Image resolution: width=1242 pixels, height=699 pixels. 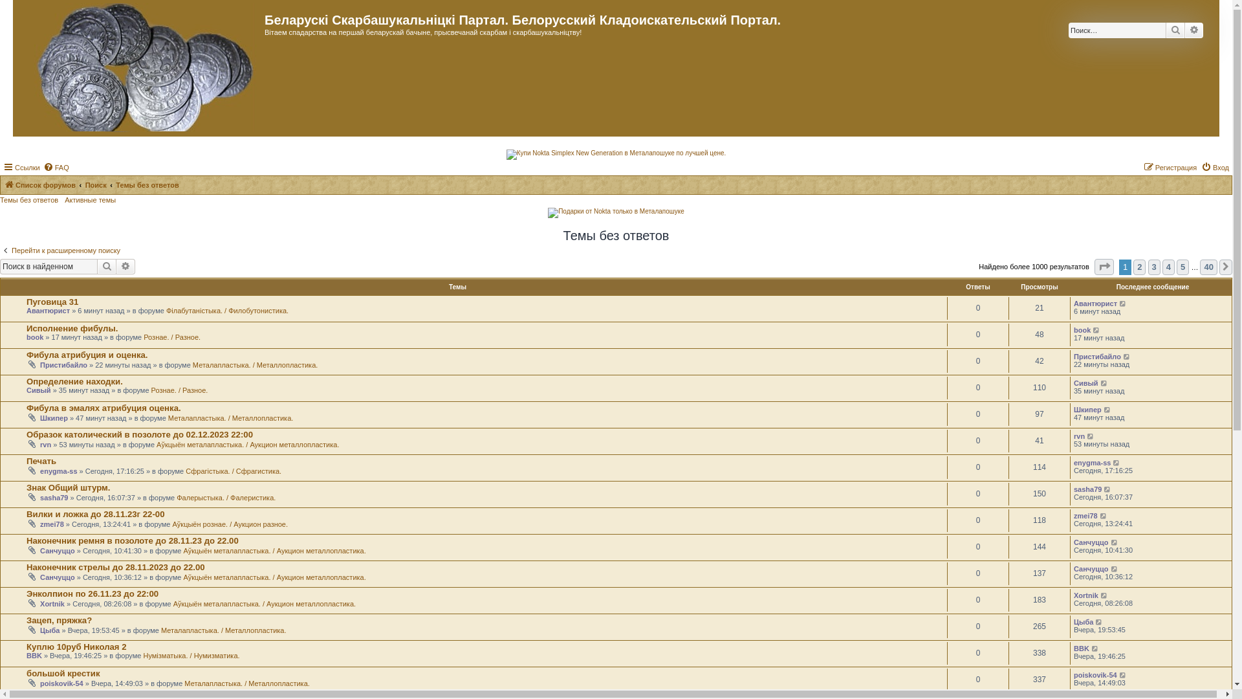 I want to click on 'sasha79', so click(x=1074, y=489).